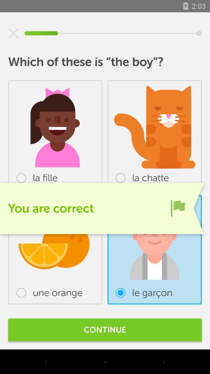 The width and height of the screenshot is (210, 374). Describe the element at coordinates (178, 208) in the screenshot. I see `the item below the la chatte` at that location.